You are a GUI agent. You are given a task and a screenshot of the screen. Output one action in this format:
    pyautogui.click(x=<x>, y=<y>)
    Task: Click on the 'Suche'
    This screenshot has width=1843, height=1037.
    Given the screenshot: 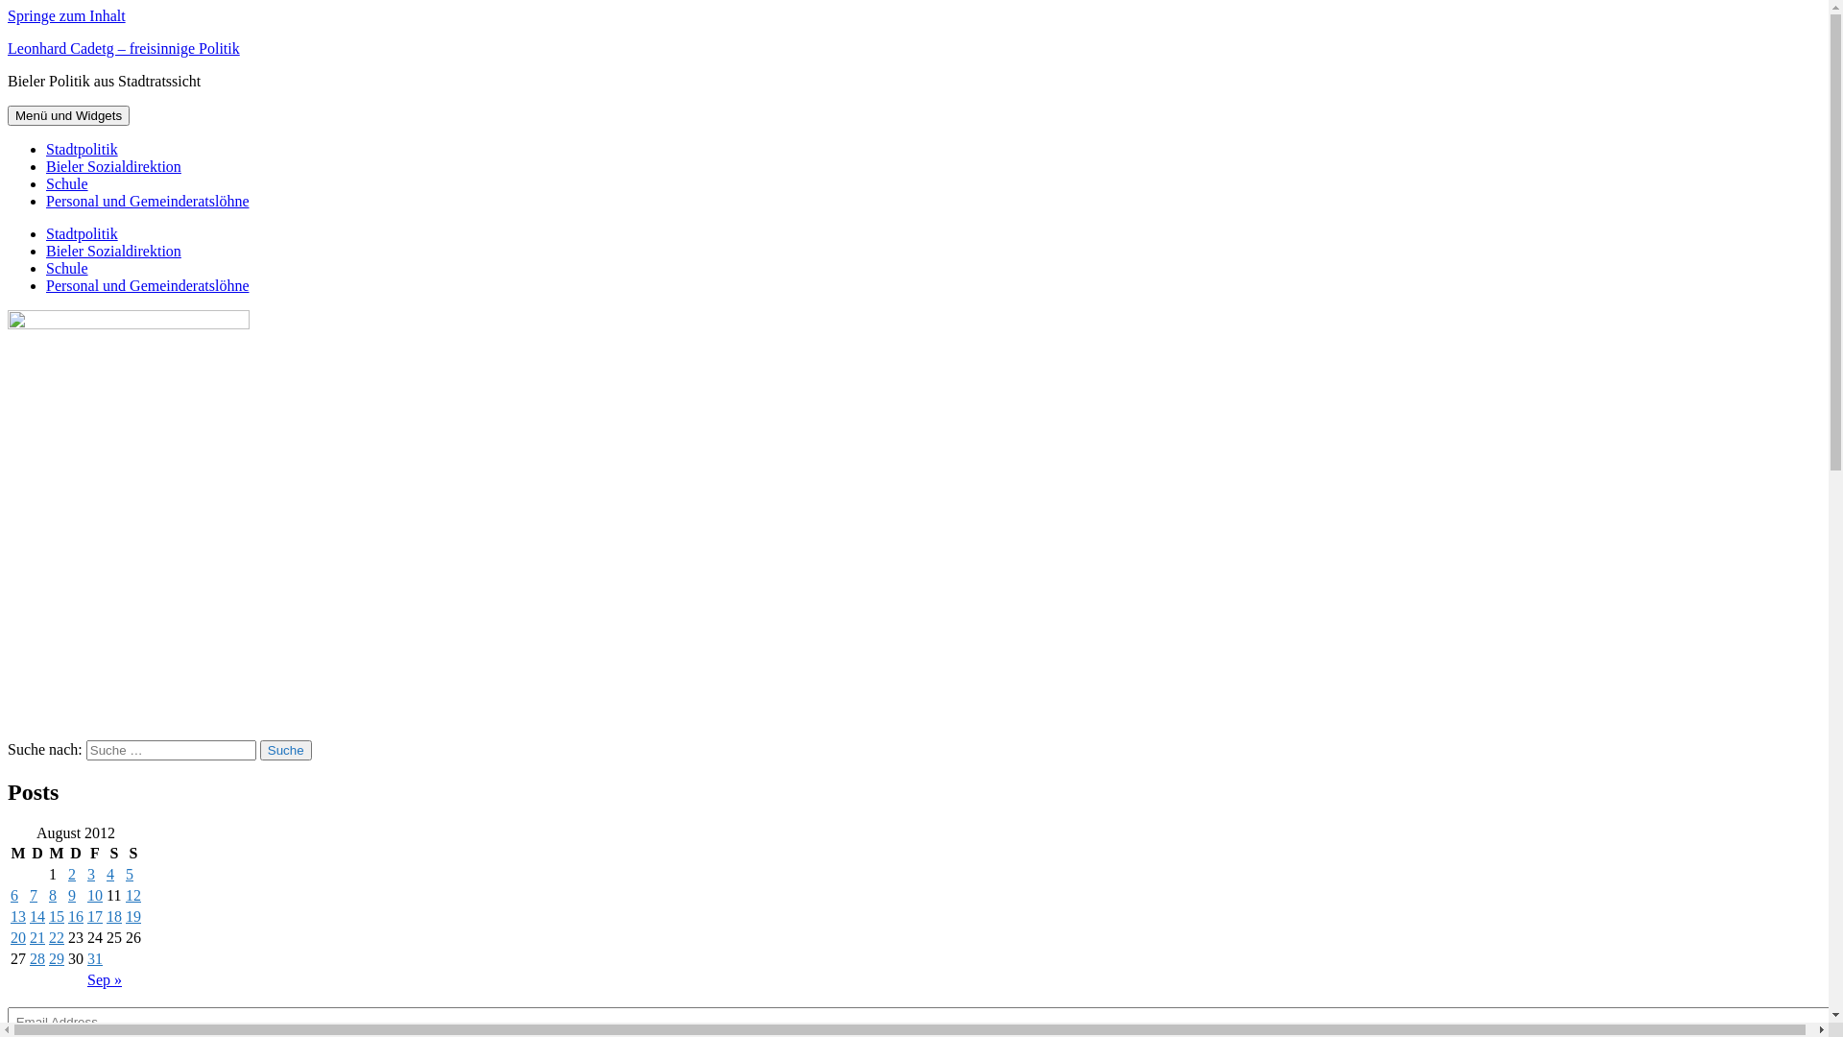 What is the action you would take?
    pyautogui.click(x=258, y=749)
    